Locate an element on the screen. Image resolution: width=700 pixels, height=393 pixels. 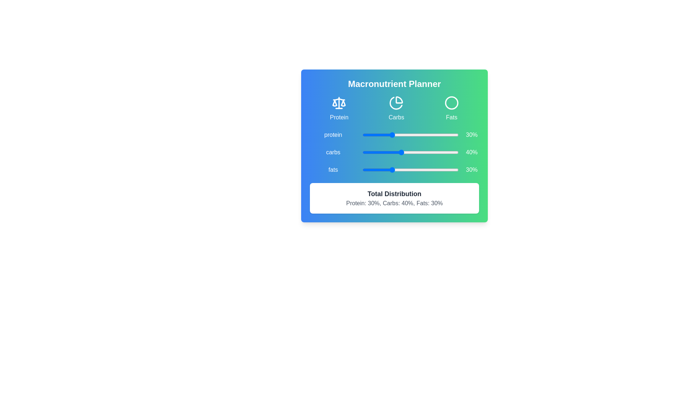
the text label displaying '30%' which is styled with a white font on a green background, located at the rightmost end of the 'protein' row in the macronutrient planner interface is located at coordinates (472, 135).